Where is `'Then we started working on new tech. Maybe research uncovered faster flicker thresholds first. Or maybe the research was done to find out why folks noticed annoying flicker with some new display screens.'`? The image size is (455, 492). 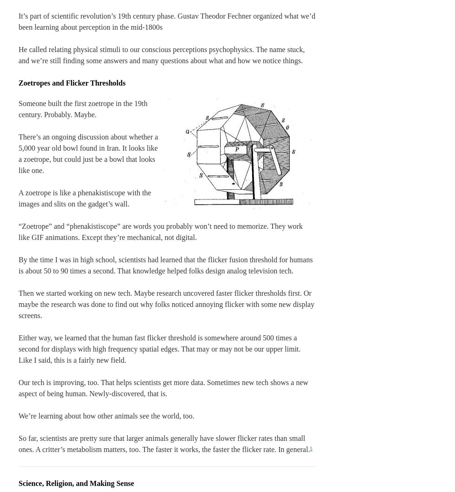
'Then we started working on new tech. Maybe research uncovered faster flicker thresholds first. Or maybe the research was done to find out why folks noticed annoying flicker with some new display screens.' is located at coordinates (166, 304).